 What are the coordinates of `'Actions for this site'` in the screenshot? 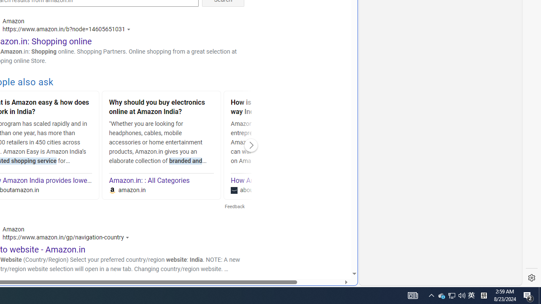 It's located at (128, 238).